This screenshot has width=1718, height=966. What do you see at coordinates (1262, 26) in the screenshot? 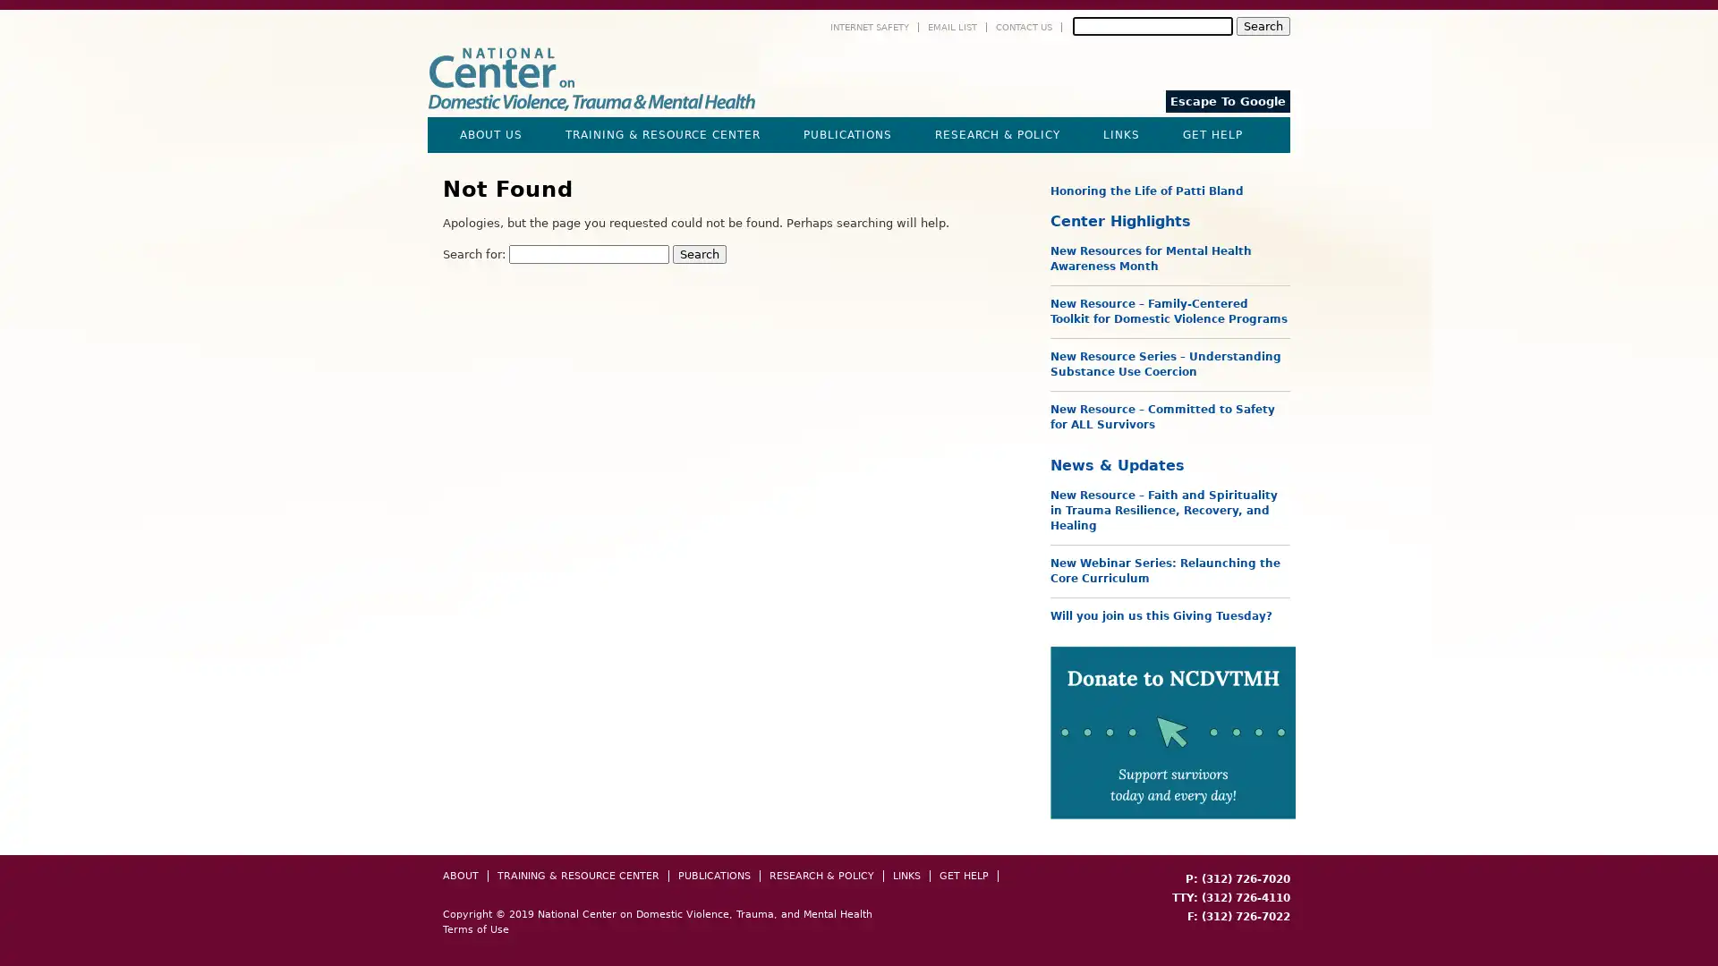
I see `Search` at bounding box center [1262, 26].